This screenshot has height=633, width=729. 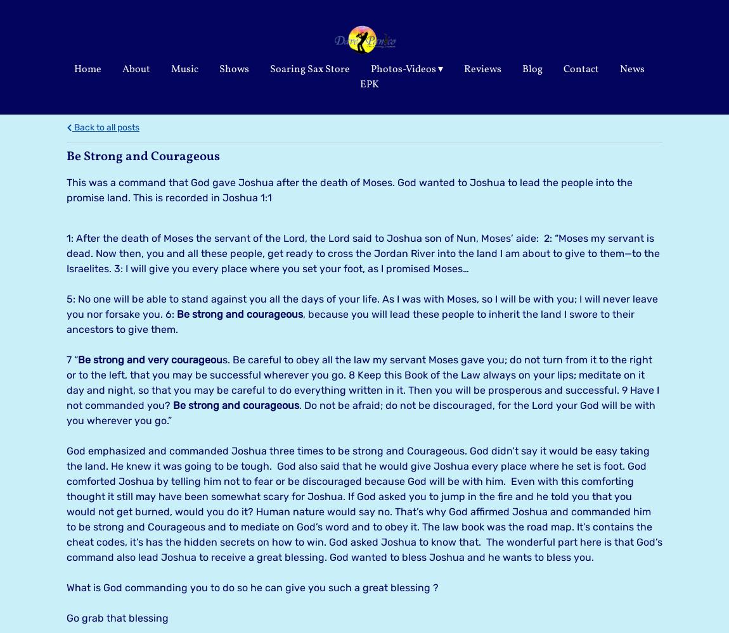 What do you see at coordinates (142, 156) in the screenshot?
I see `'Be Strong and Courageous'` at bounding box center [142, 156].